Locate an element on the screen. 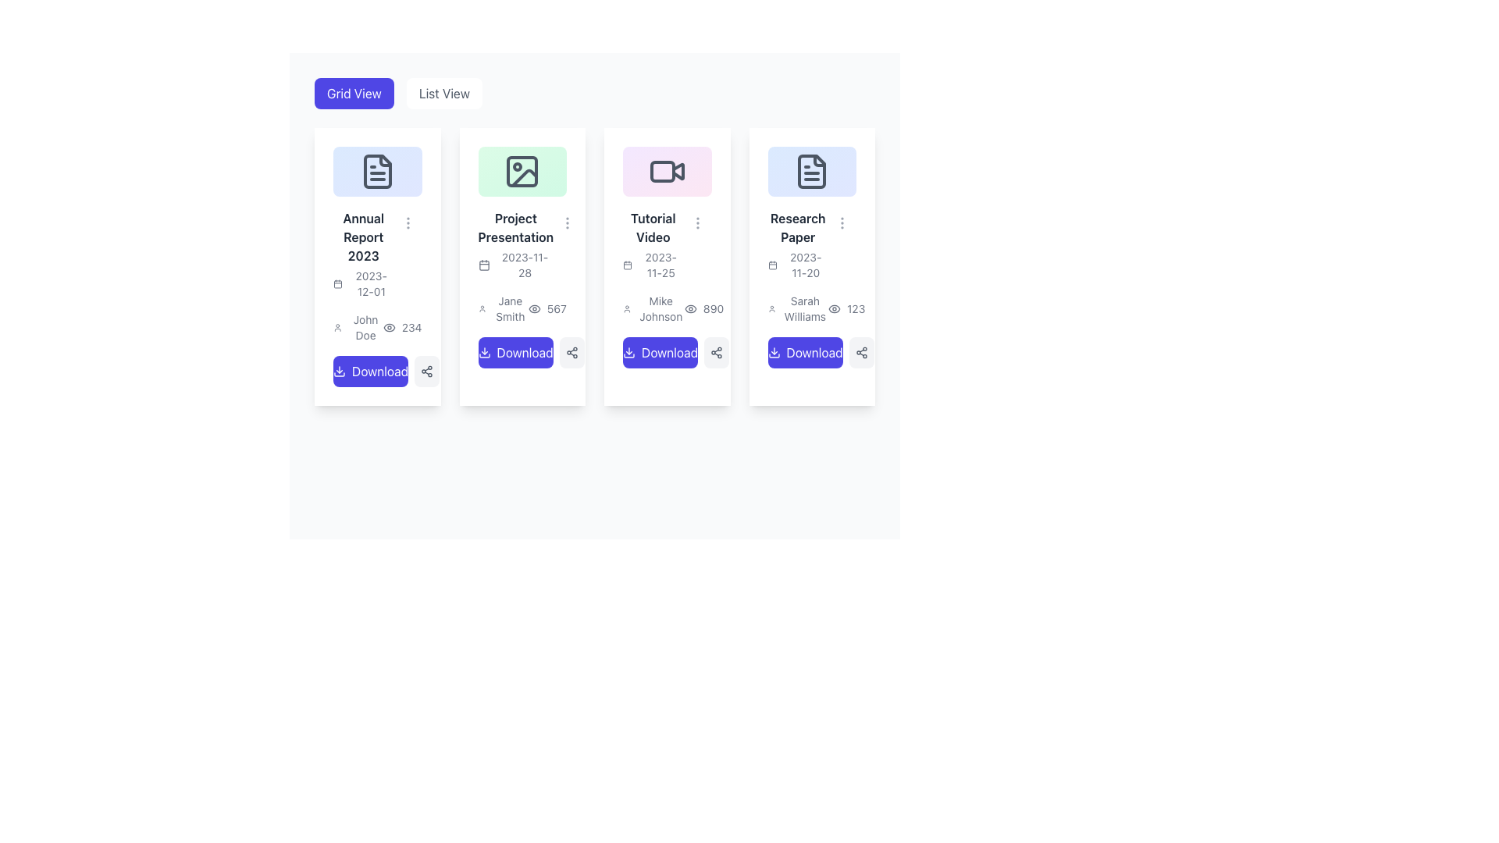 This screenshot has height=843, width=1499. the static text indicating view count located in the third card from the left, positioned next to an eye icon in the bottom-right segment of the card's content area is located at coordinates (713, 308).